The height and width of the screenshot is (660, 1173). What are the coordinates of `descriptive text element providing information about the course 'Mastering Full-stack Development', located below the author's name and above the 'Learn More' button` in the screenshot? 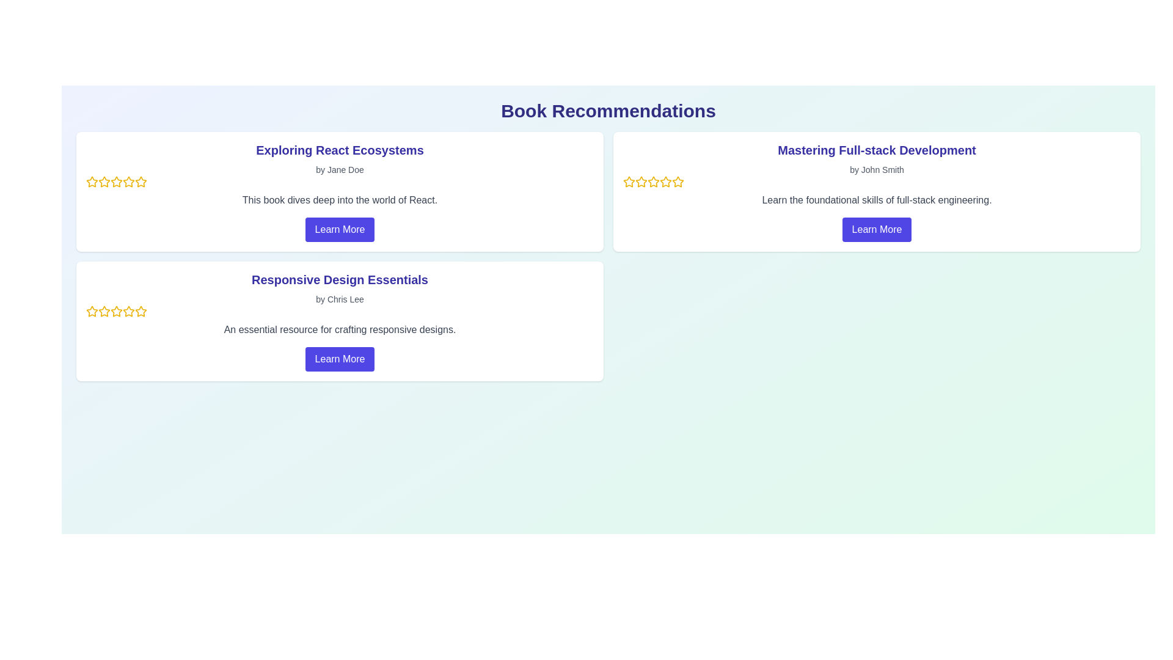 It's located at (876, 199).